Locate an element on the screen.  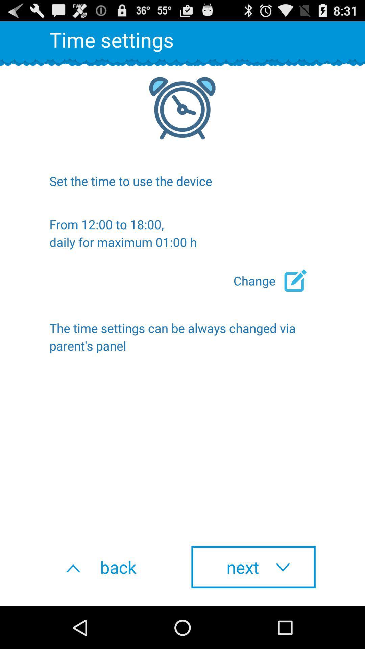
icon below the time settings item is located at coordinates (253, 567).